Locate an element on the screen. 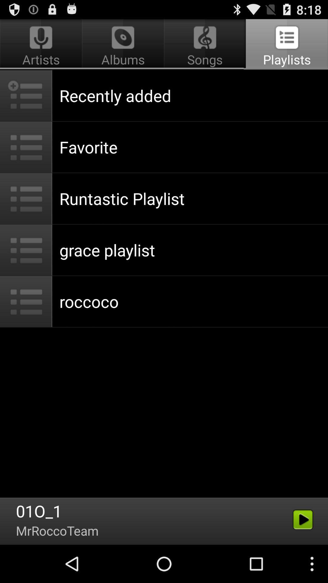  item above recently added item is located at coordinates (205, 44).